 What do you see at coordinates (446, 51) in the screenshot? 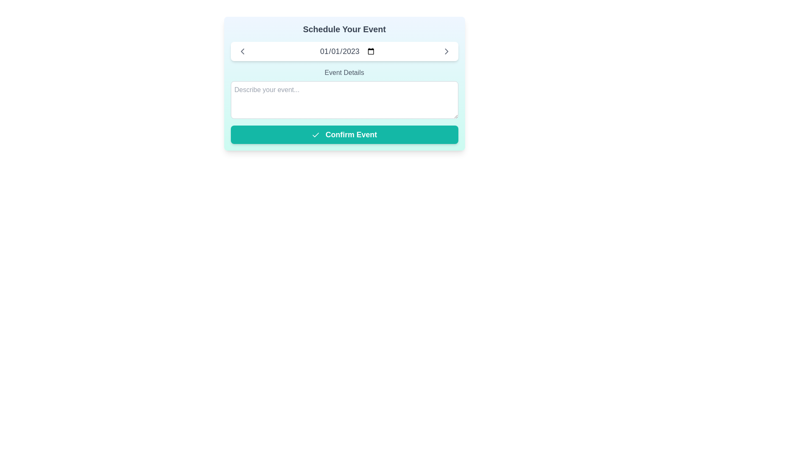
I see `the right-facing chevron arrow icon, which is located at the far right of a rectangular field containing the date '01/01/2023'` at bounding box center [446, 51].